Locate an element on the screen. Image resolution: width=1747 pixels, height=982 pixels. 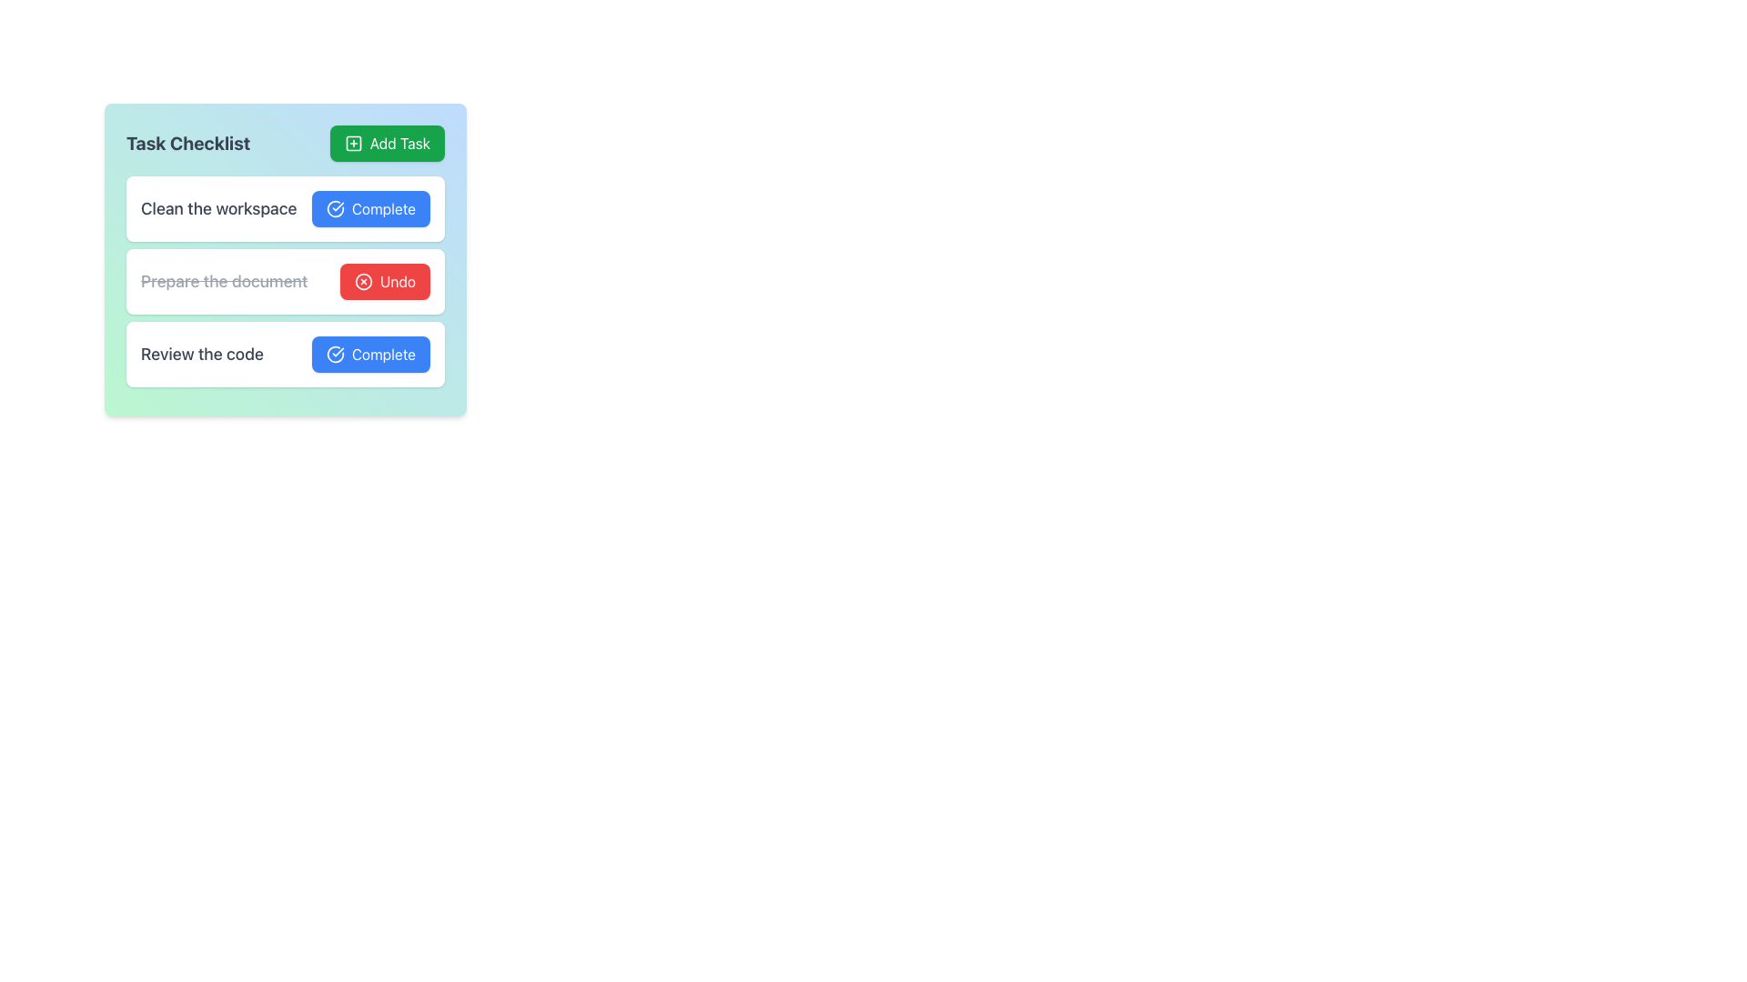
the Text label within the green button that adds a task to the Task Checklist is located at coordinates (399, 143).